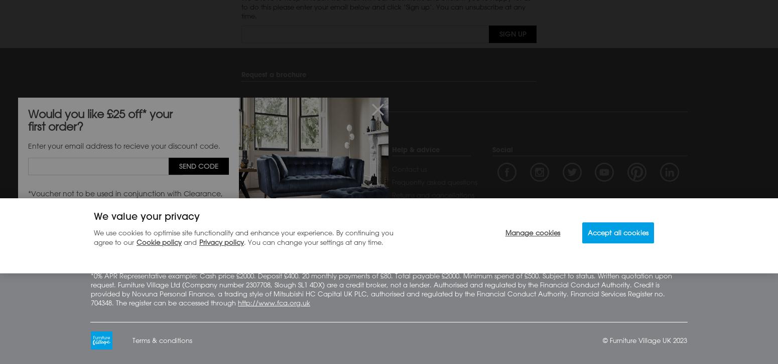 Image resolution: width=778 pixels, height=364 pixels. What do you see at coordinates (90, 220) in the screenshot?
I see `'Sustainability'` at bounding box center [90, 220].